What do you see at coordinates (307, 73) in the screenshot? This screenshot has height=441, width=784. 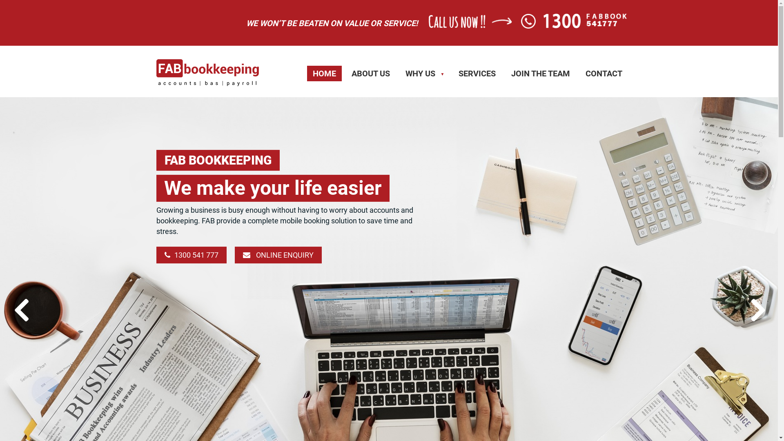 I see `'HOME'` at bounding box center [307, 73].